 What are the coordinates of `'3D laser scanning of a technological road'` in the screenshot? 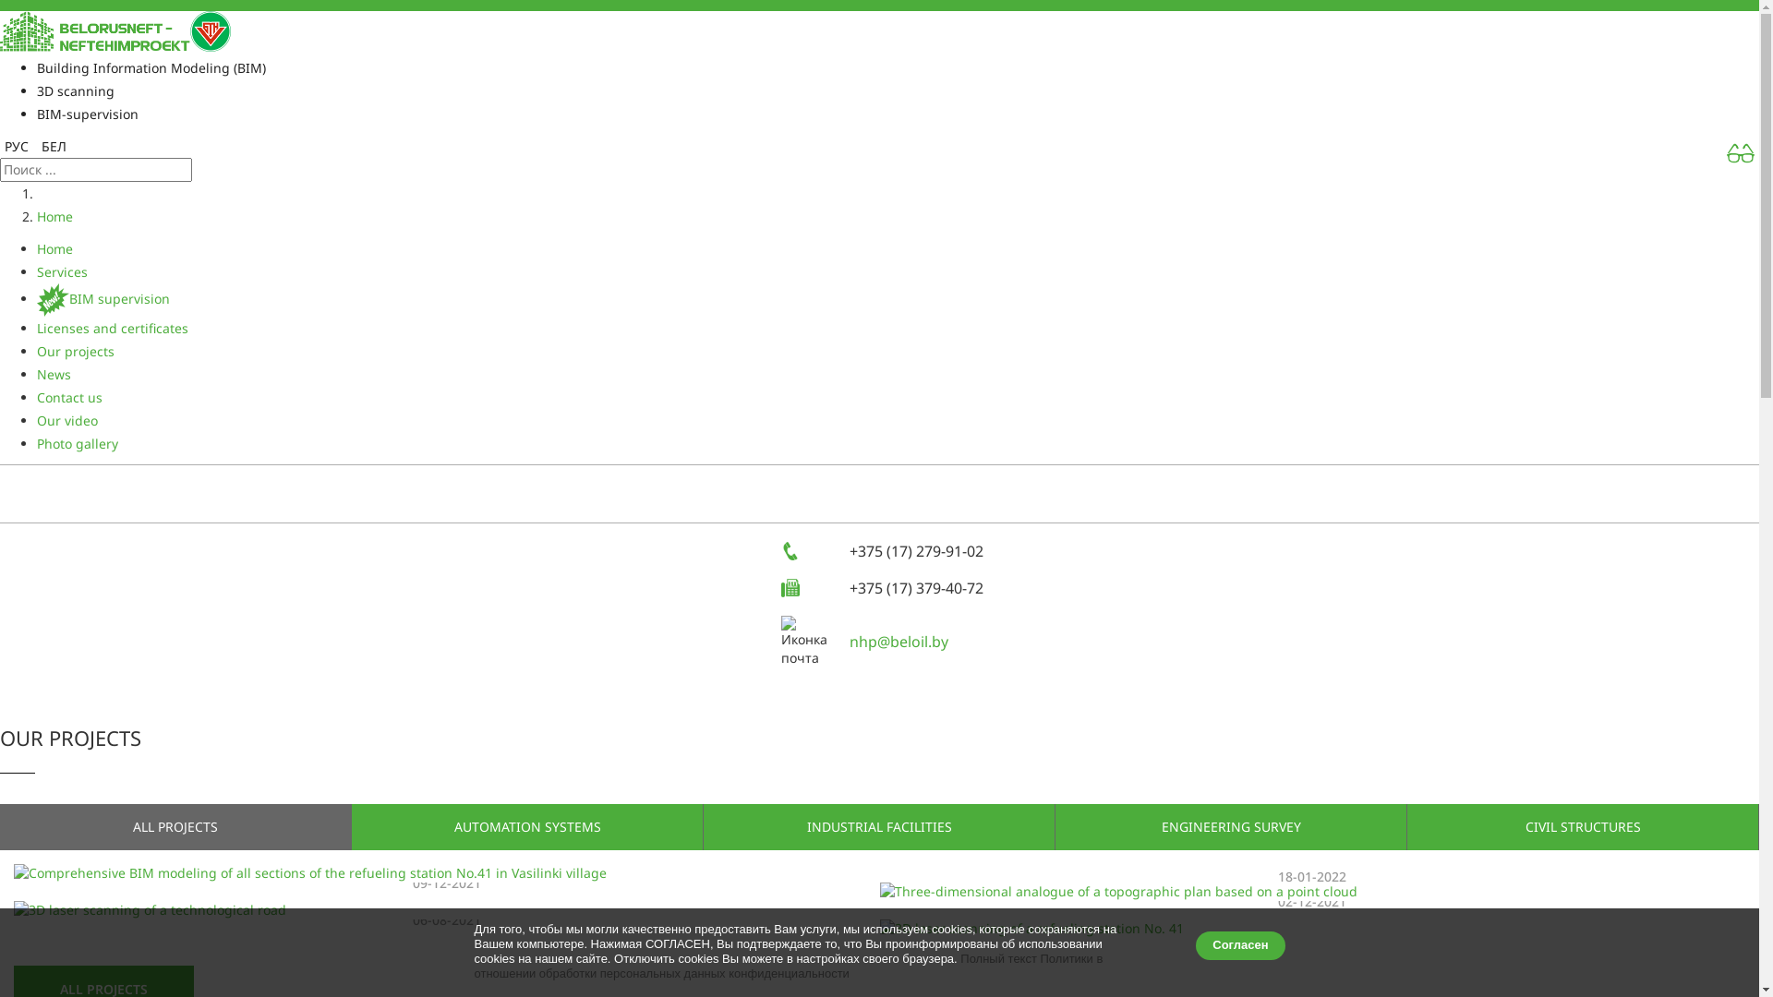 It's located at (447, 909).